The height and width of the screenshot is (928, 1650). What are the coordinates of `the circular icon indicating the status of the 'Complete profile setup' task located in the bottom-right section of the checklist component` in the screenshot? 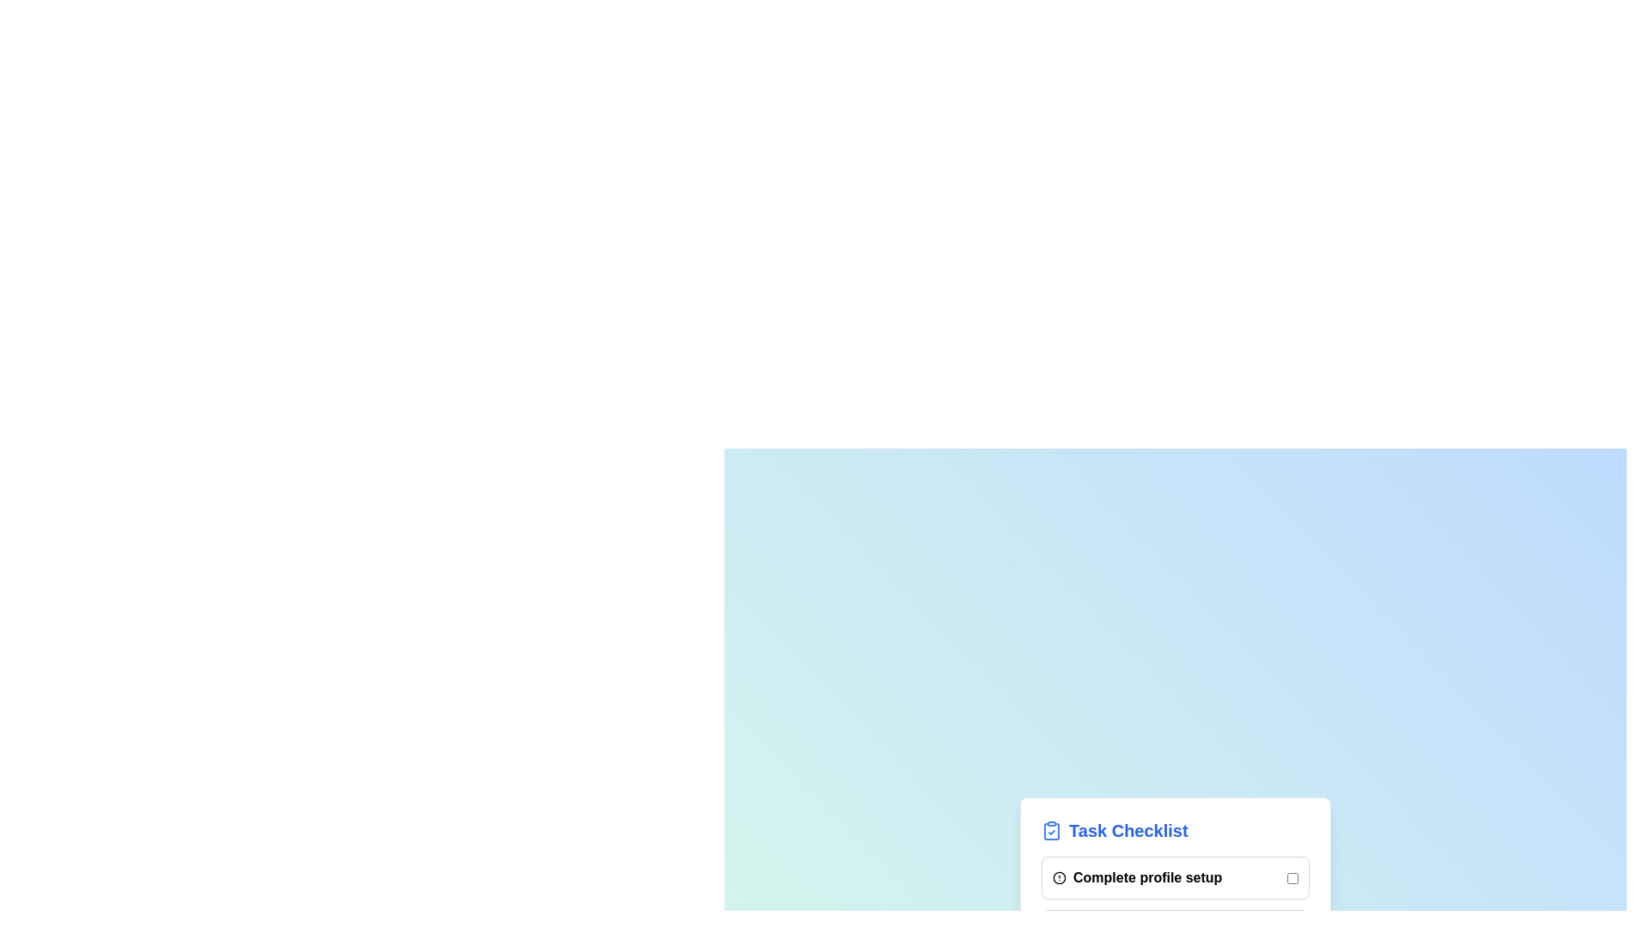 It's located at (1059, 878).